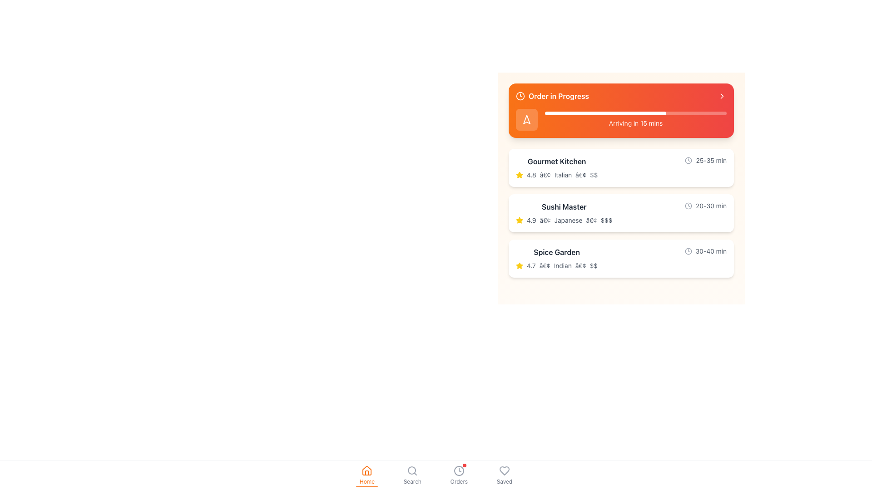  Describe the element at coordinates (545, 220) in the screenshot. I see `the second bullet point symbol that serves as a separator between the text '4.9' and 'Japanese'` at that location.